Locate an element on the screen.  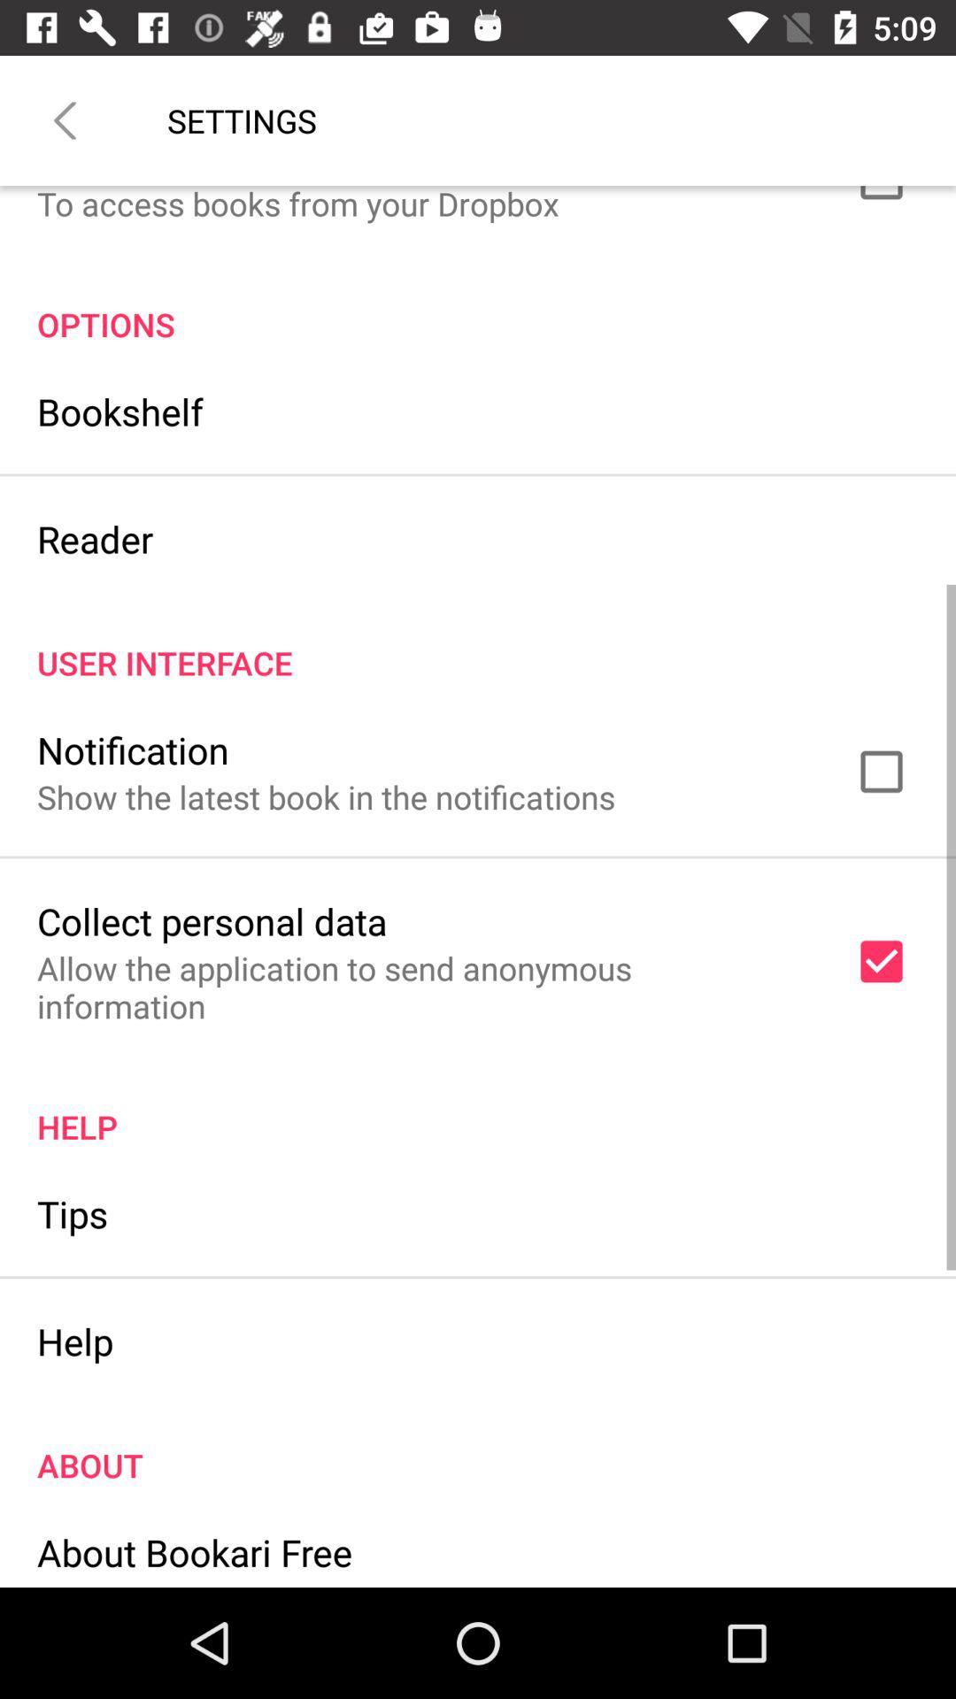
item below user interface is located at coordinates (132, 750).